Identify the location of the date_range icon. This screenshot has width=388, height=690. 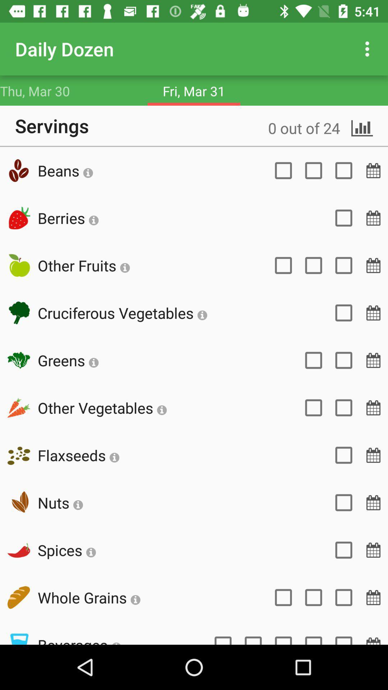
(373, 455).